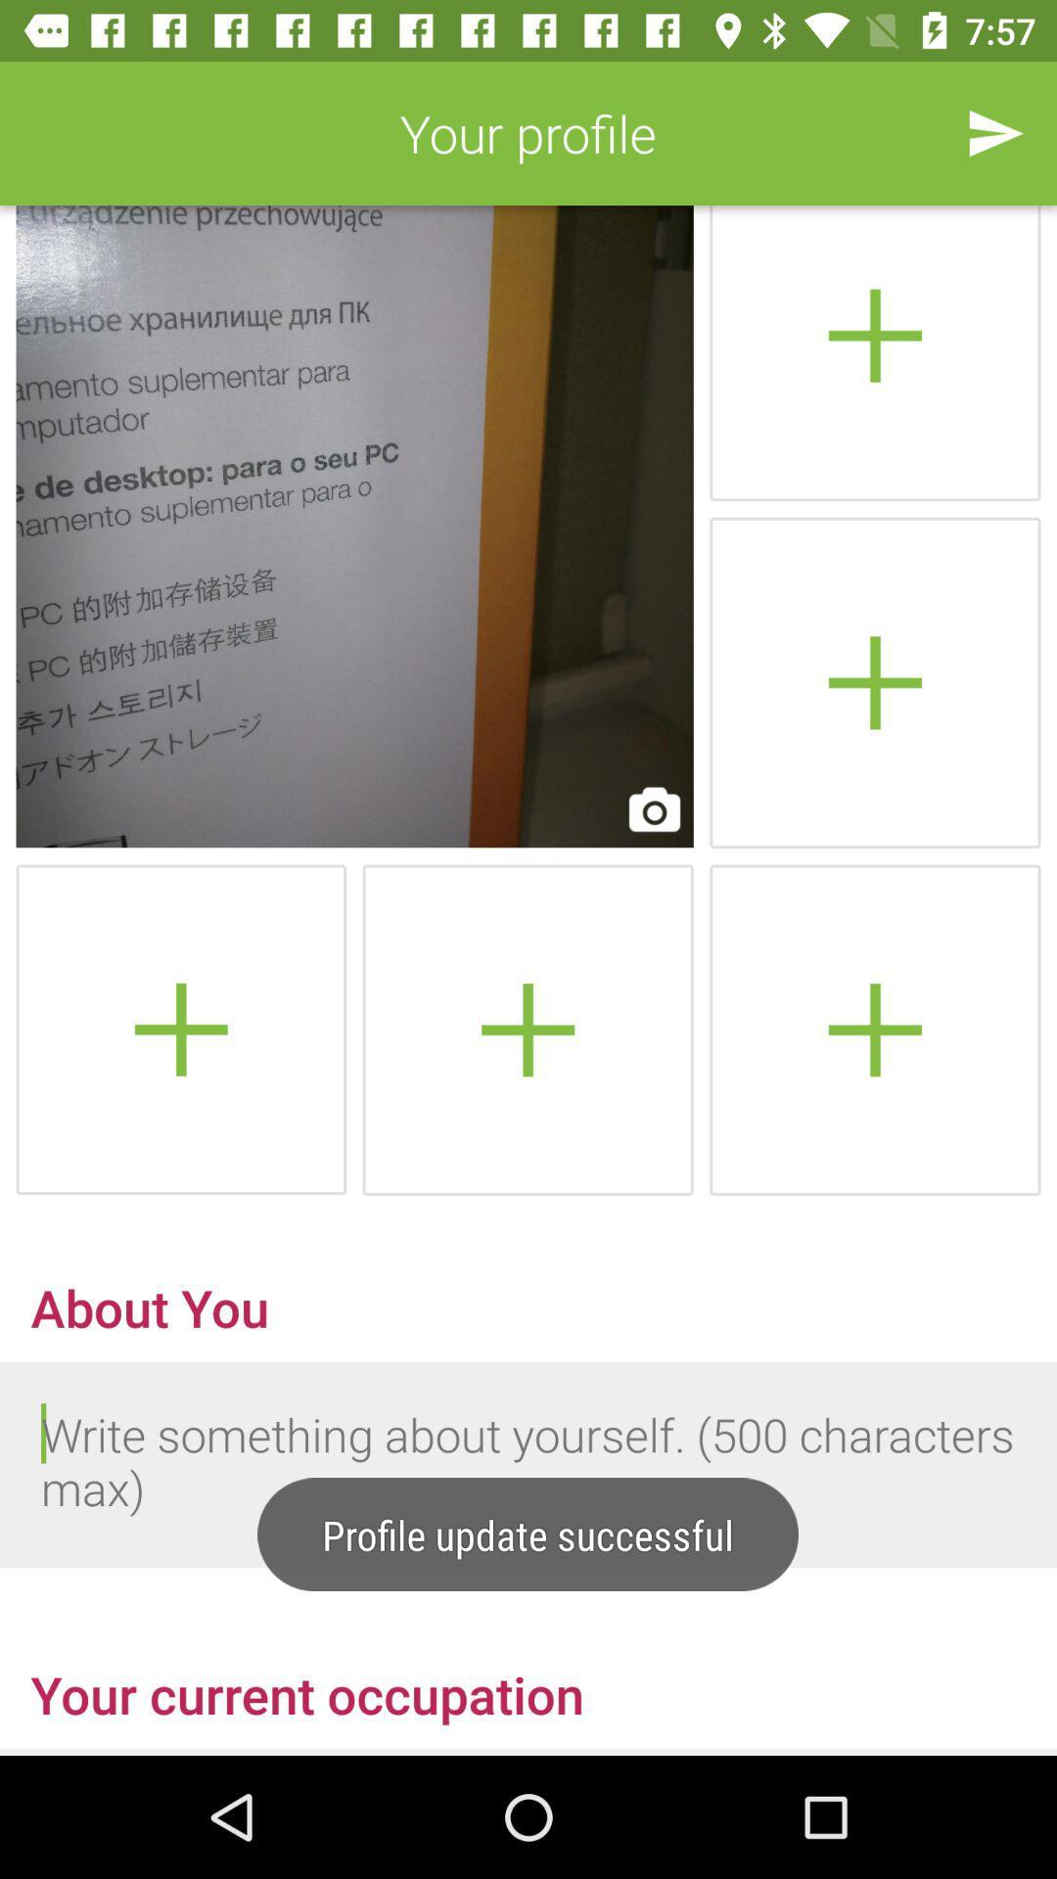 The image size is (1057, 1879). What do you see at coordinates (181, 1029) in the screenshot?
I see `a photo` at bounding box center [181, 1029].